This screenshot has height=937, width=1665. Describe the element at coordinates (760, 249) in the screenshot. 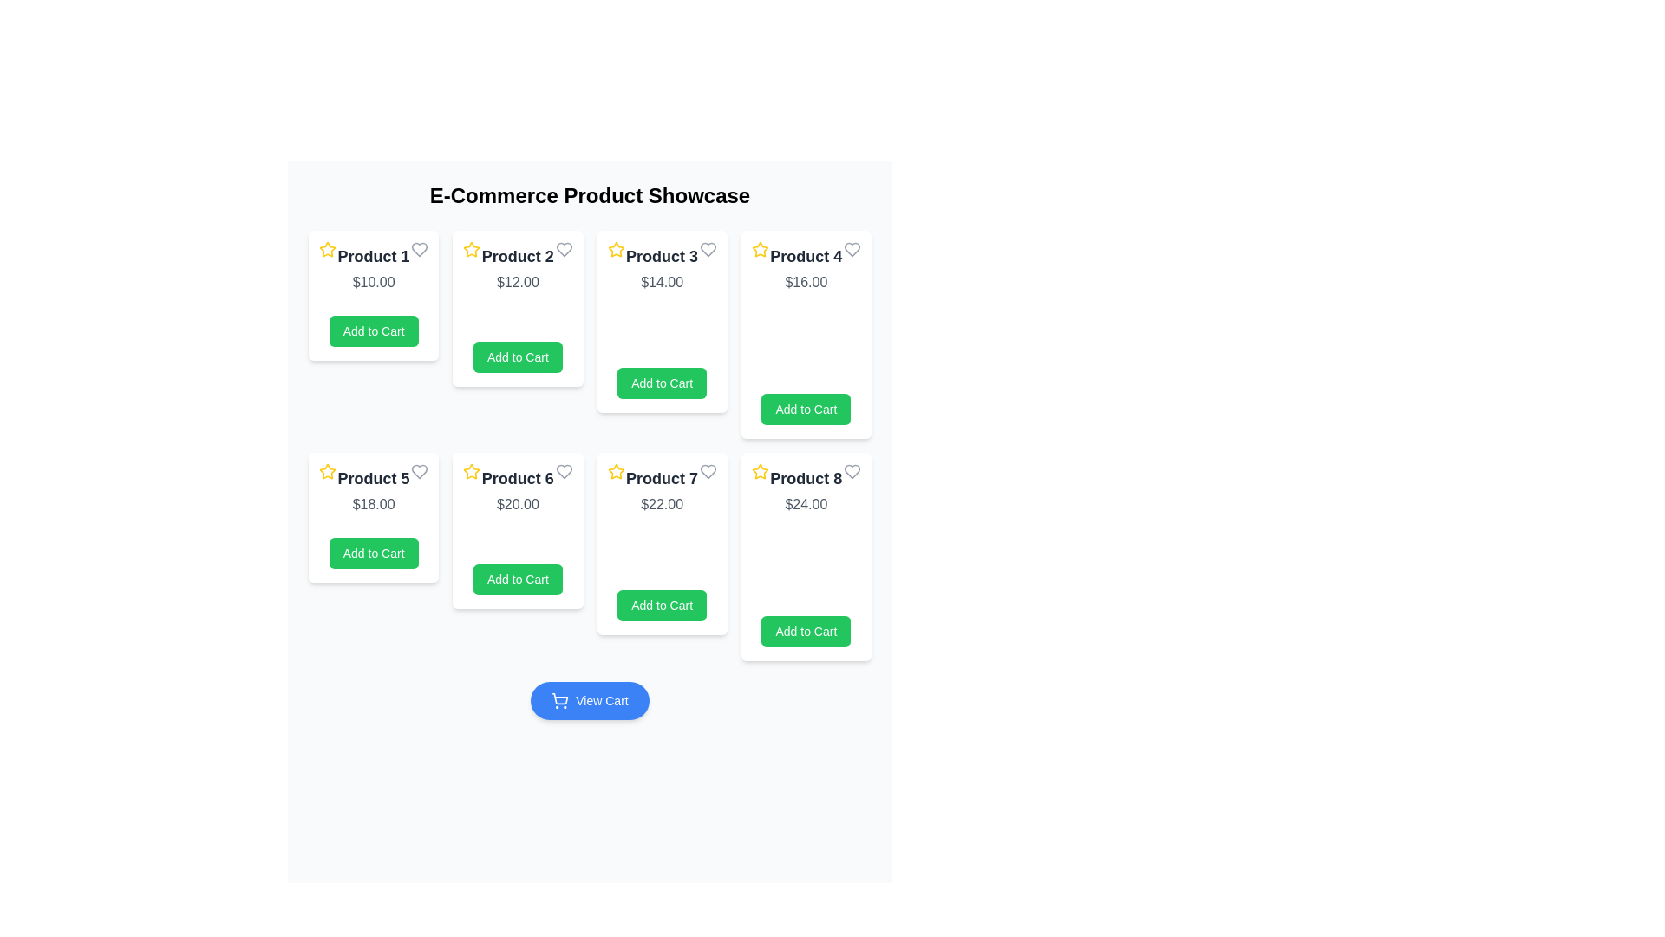

I see `the yellow star icon with a hollow center located in the upper-left corner of the 'Product 4' card, which is used for rating or marking favorites` at that location.